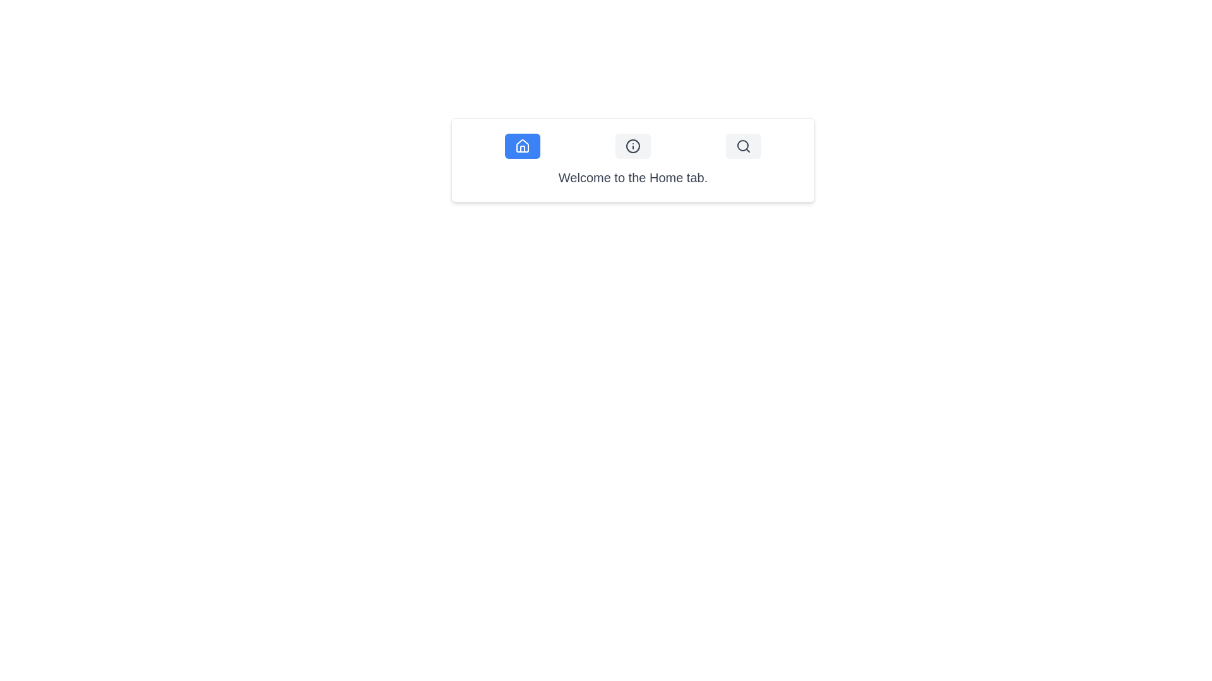  I want to click on the house icon located in the leftmost button of a group of three buttons, which is highlighted in blue, so click(522, 145).